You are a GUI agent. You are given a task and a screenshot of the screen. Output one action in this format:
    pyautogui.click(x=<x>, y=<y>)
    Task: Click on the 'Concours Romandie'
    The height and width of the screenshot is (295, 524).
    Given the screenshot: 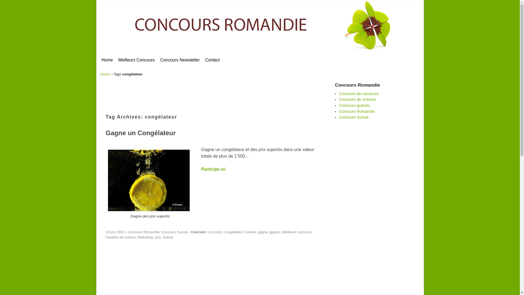 What is the action you would take?
    pyautogui.click(x=357, y=111)
    